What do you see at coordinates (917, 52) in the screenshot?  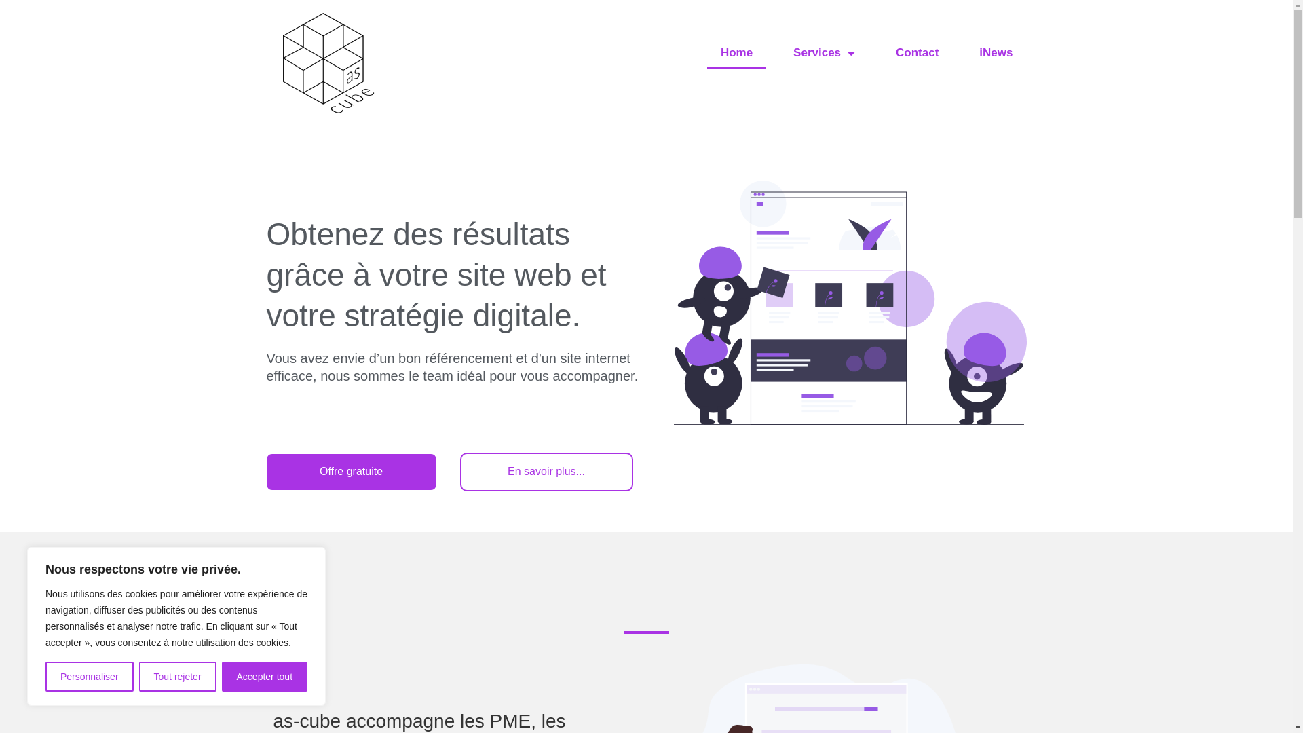 I see `'Contact'` at bounding box center [917, 52].